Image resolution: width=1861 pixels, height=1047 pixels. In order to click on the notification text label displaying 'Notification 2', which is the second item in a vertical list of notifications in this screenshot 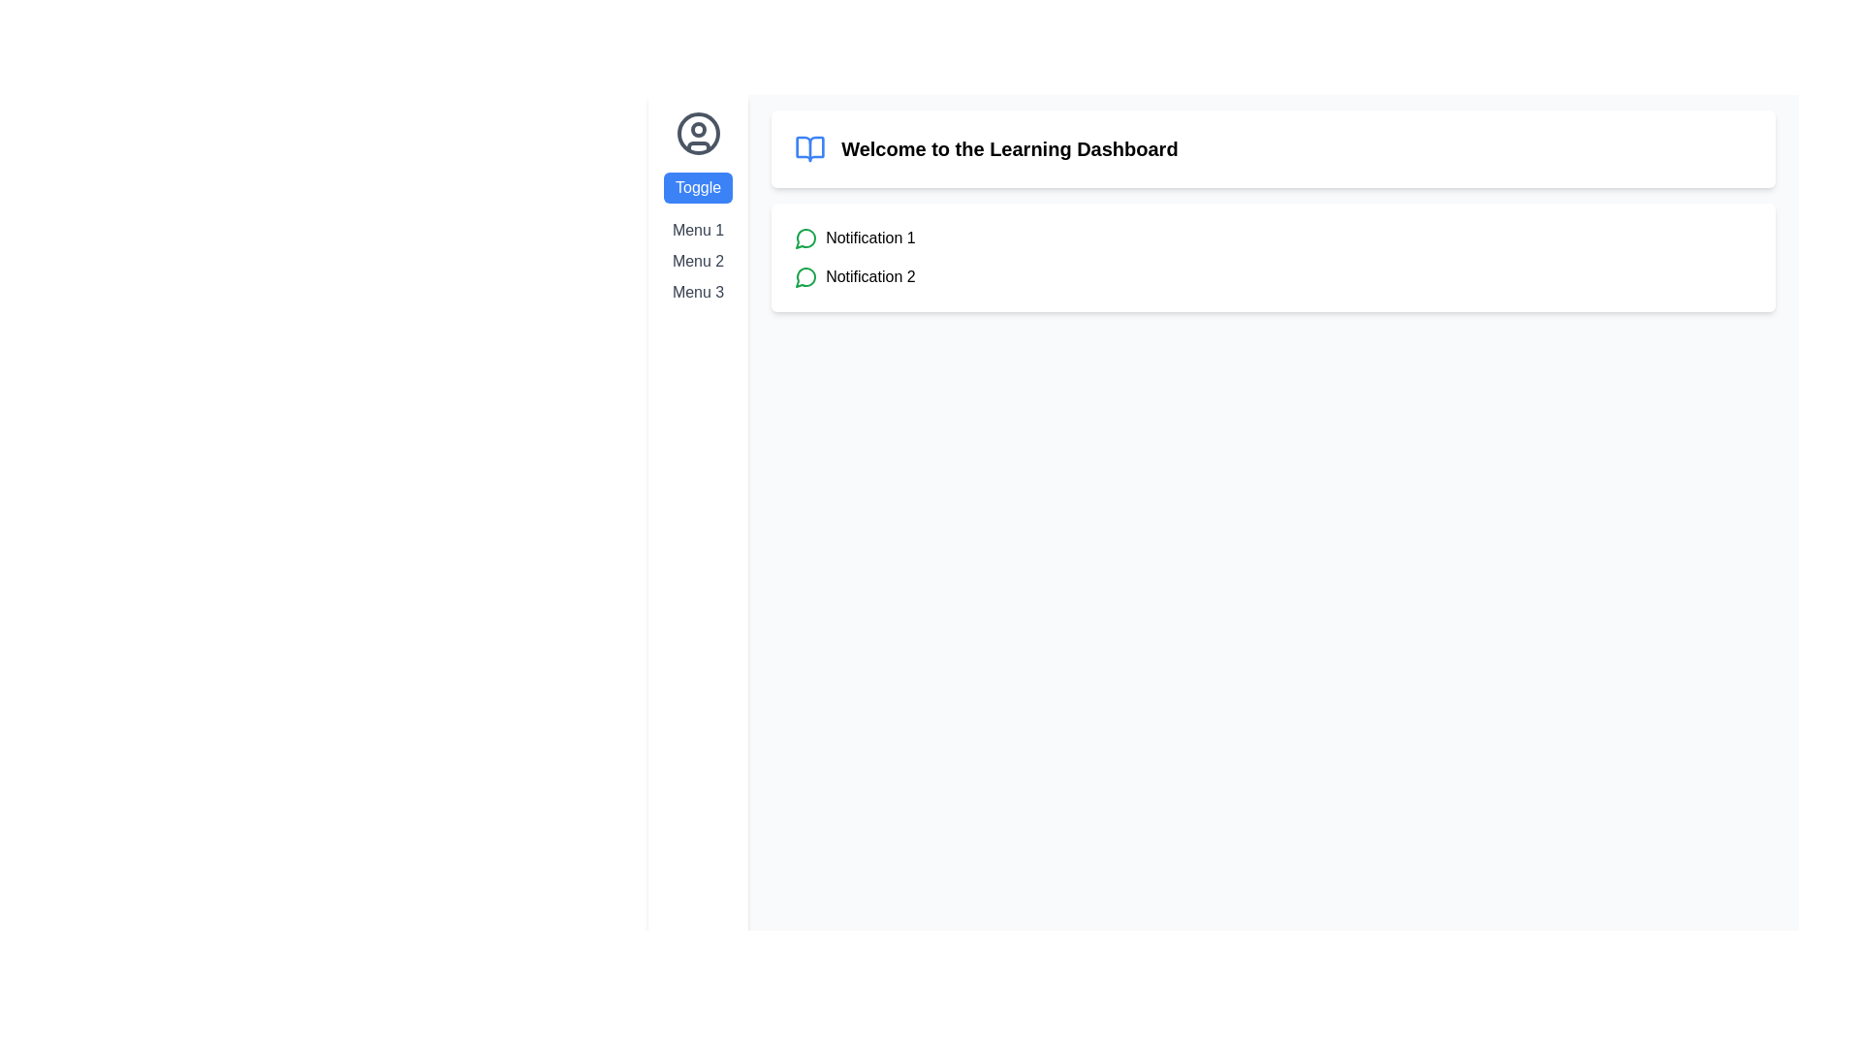, I will do `click(869, 276)`.